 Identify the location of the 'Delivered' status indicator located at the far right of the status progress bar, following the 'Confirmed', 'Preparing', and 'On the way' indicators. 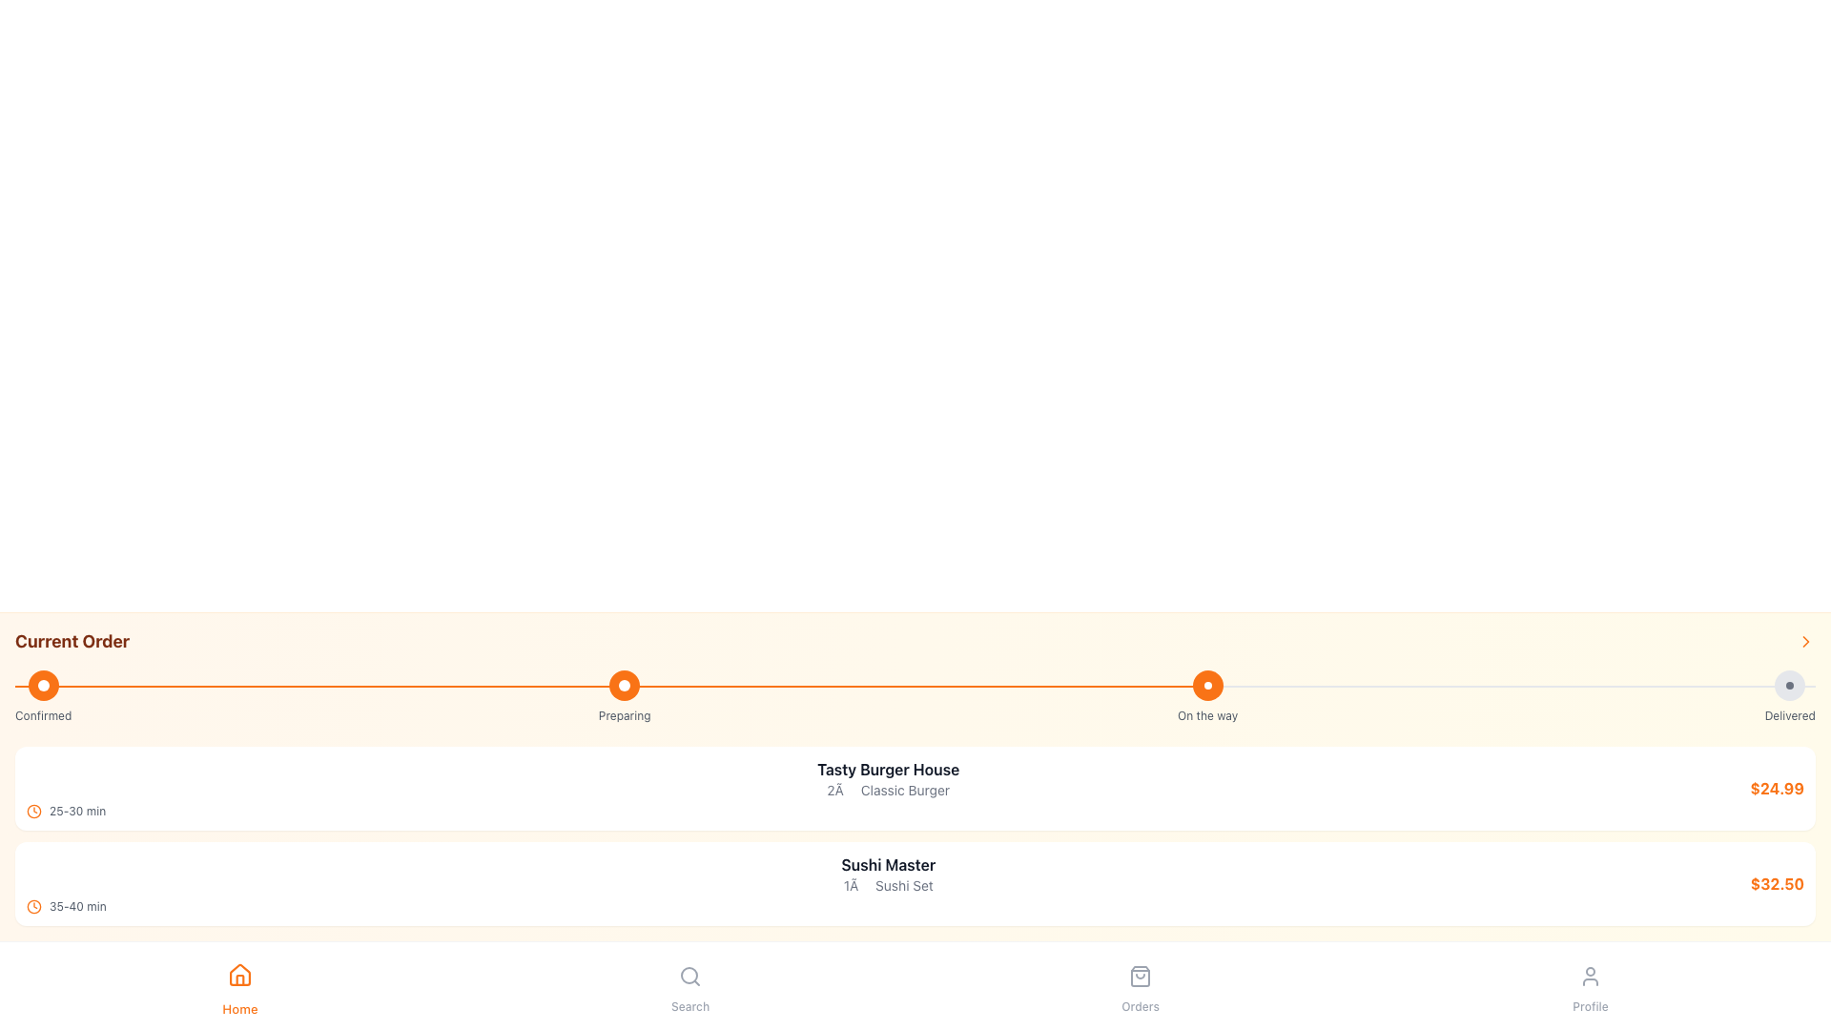
(1789, 697).